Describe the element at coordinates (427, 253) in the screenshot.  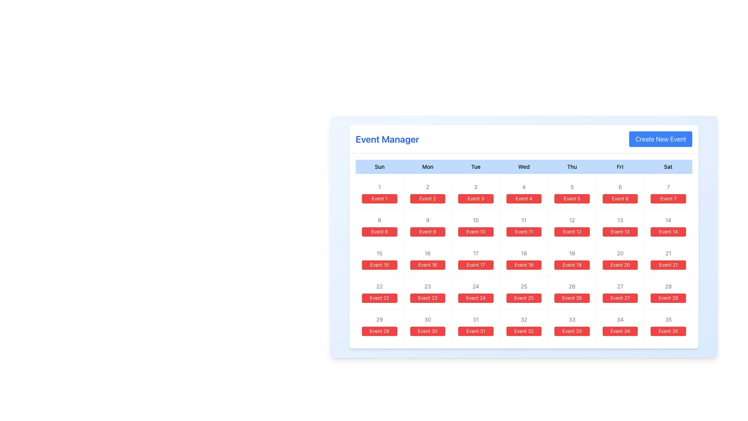
I see `the static text label displaying the number '16' in gray, located in the upper part of the calendar cell for the day marked as '16', which is positioned in the fourth row and second column under 'Mon'` at that location.